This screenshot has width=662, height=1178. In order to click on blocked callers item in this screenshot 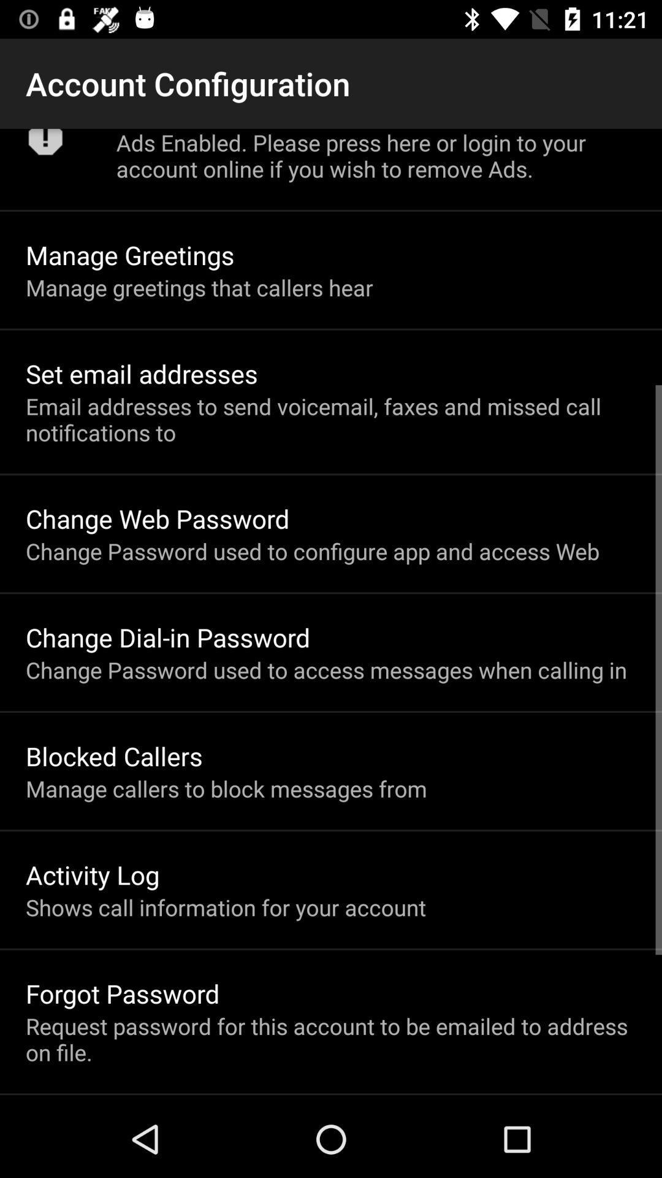, I will do `click(114, 755)`.